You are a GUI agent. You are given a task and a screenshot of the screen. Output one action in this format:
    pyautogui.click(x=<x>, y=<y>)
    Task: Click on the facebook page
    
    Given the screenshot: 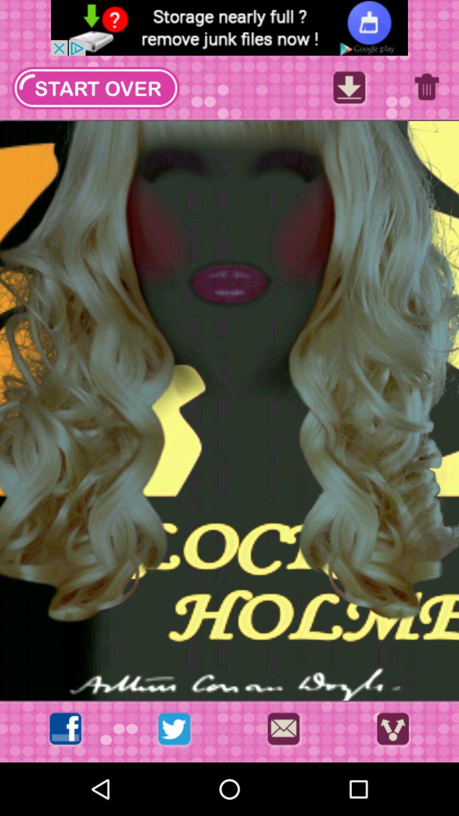 What is the action you would take?
    pyautogui.click(x=65, y=731)
    